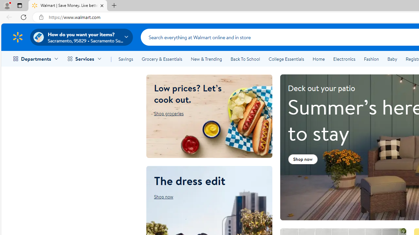 Image resolution: width=419 pixels, height=235 pixels. Describe the element at coordinates (371, 59) in the screenshot. I see `'Fashion'` at that location.